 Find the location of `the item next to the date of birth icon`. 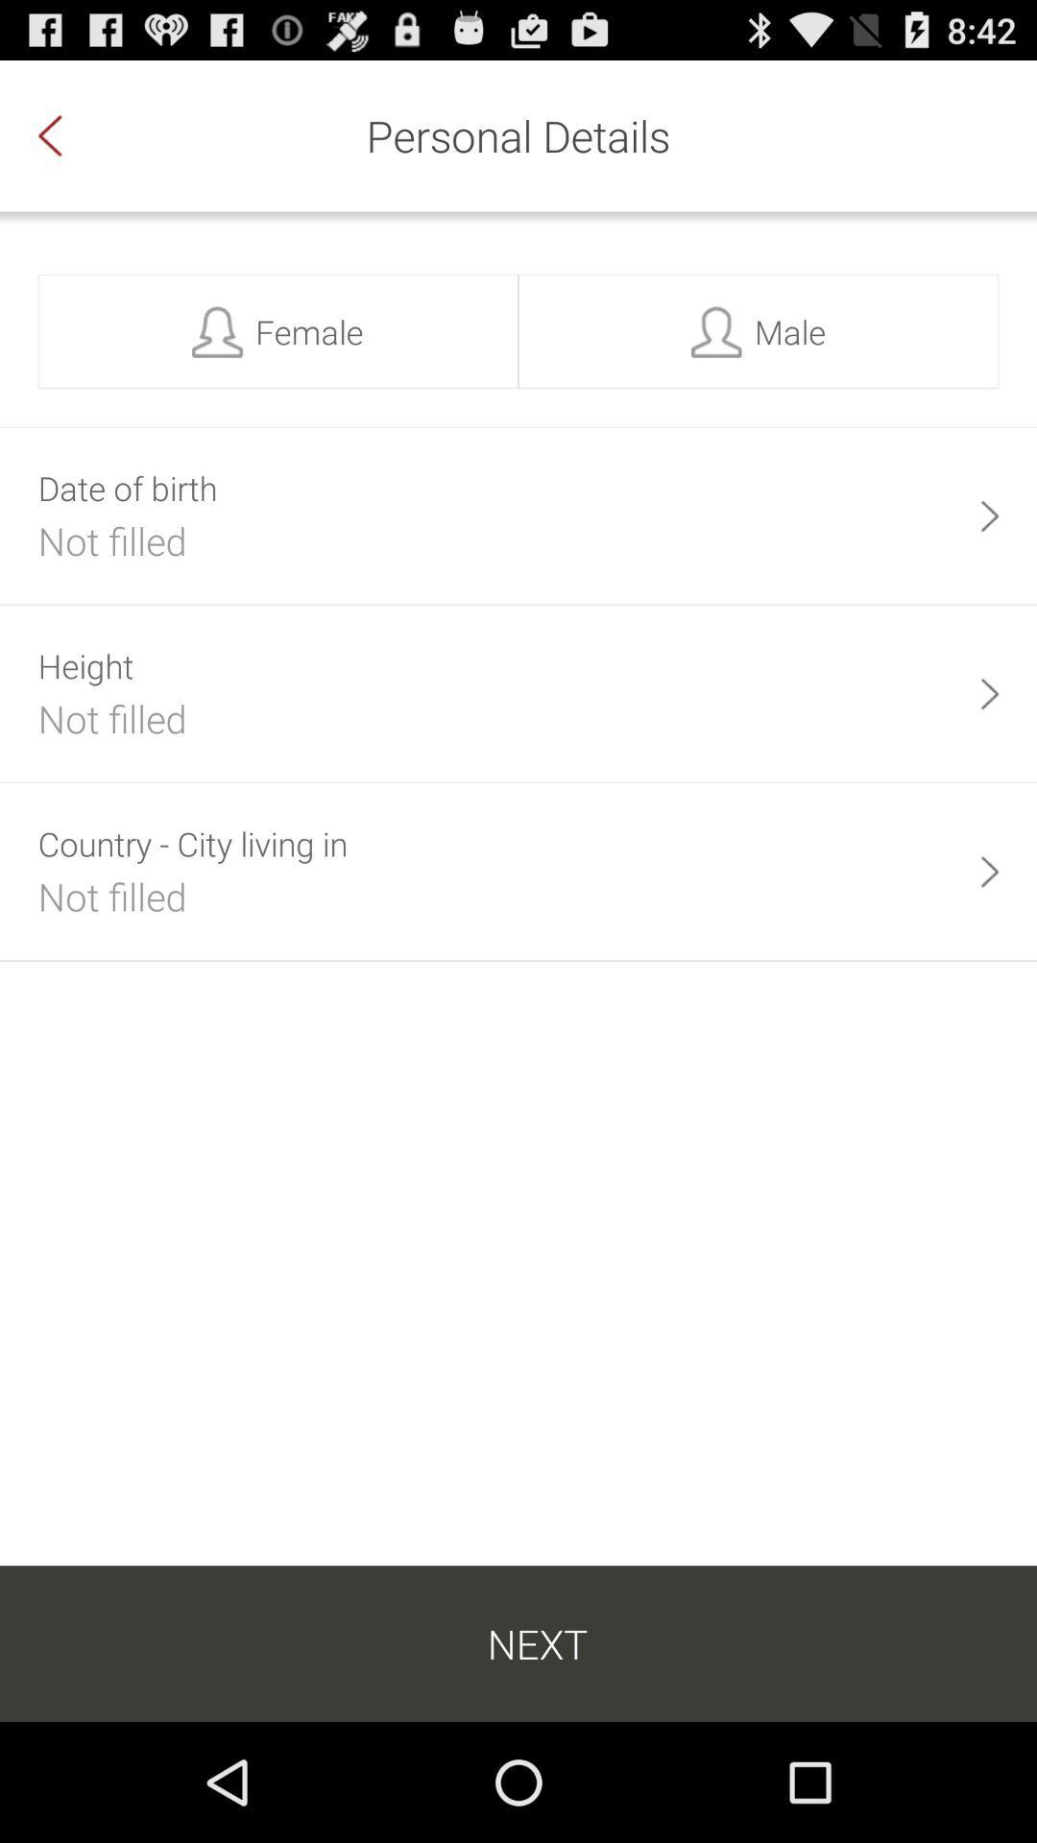

the item next to the date of birth icon is located at coordinates (989, 515).